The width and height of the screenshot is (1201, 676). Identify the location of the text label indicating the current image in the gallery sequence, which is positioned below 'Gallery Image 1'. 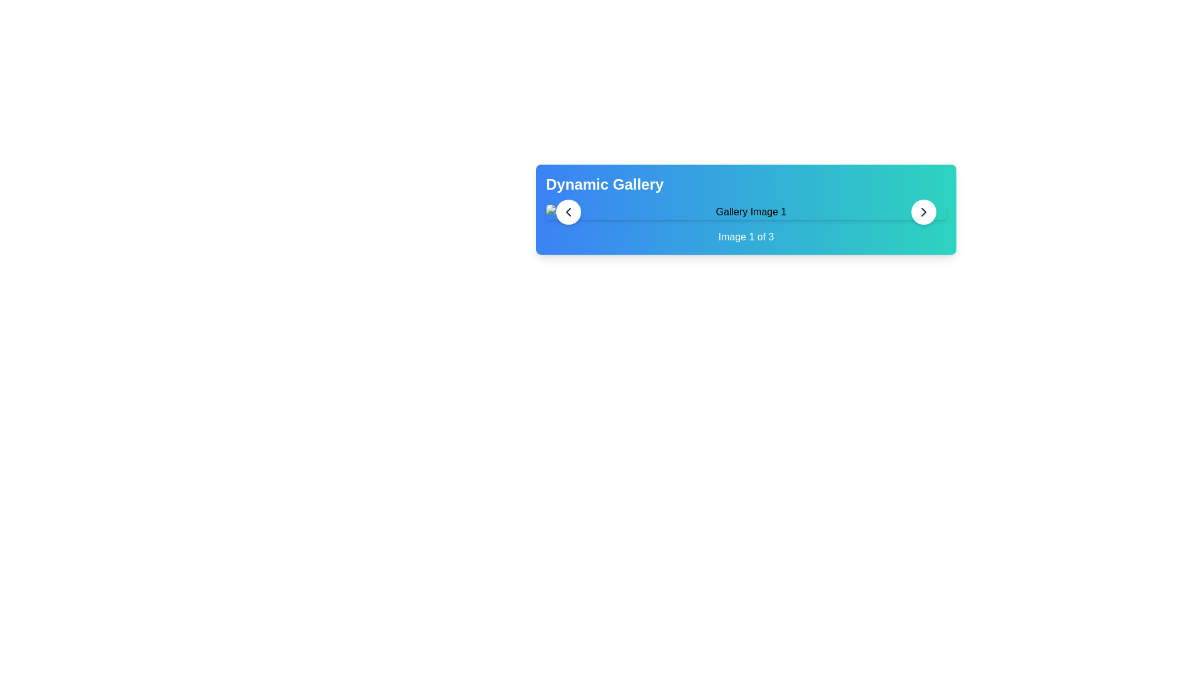
(746, 237).